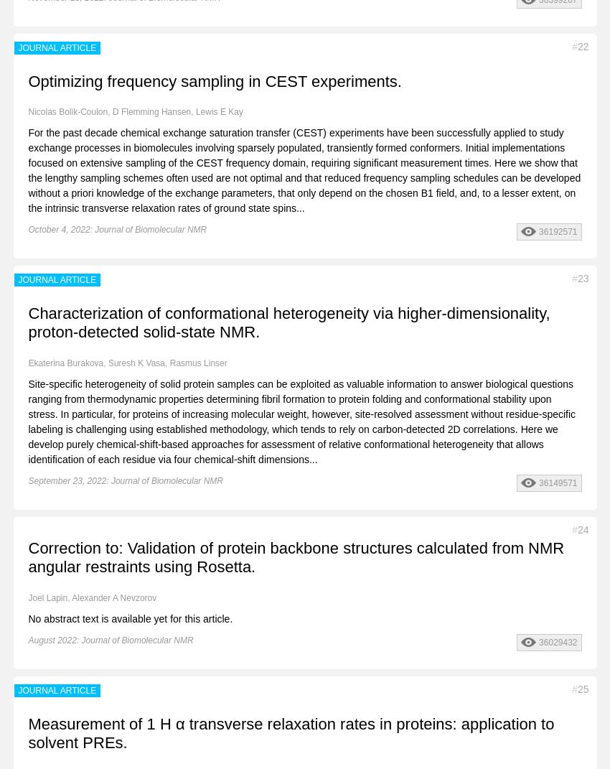  Describe the element at coordinates (576, 687) in the screenshot. I see `'25'` at that location.